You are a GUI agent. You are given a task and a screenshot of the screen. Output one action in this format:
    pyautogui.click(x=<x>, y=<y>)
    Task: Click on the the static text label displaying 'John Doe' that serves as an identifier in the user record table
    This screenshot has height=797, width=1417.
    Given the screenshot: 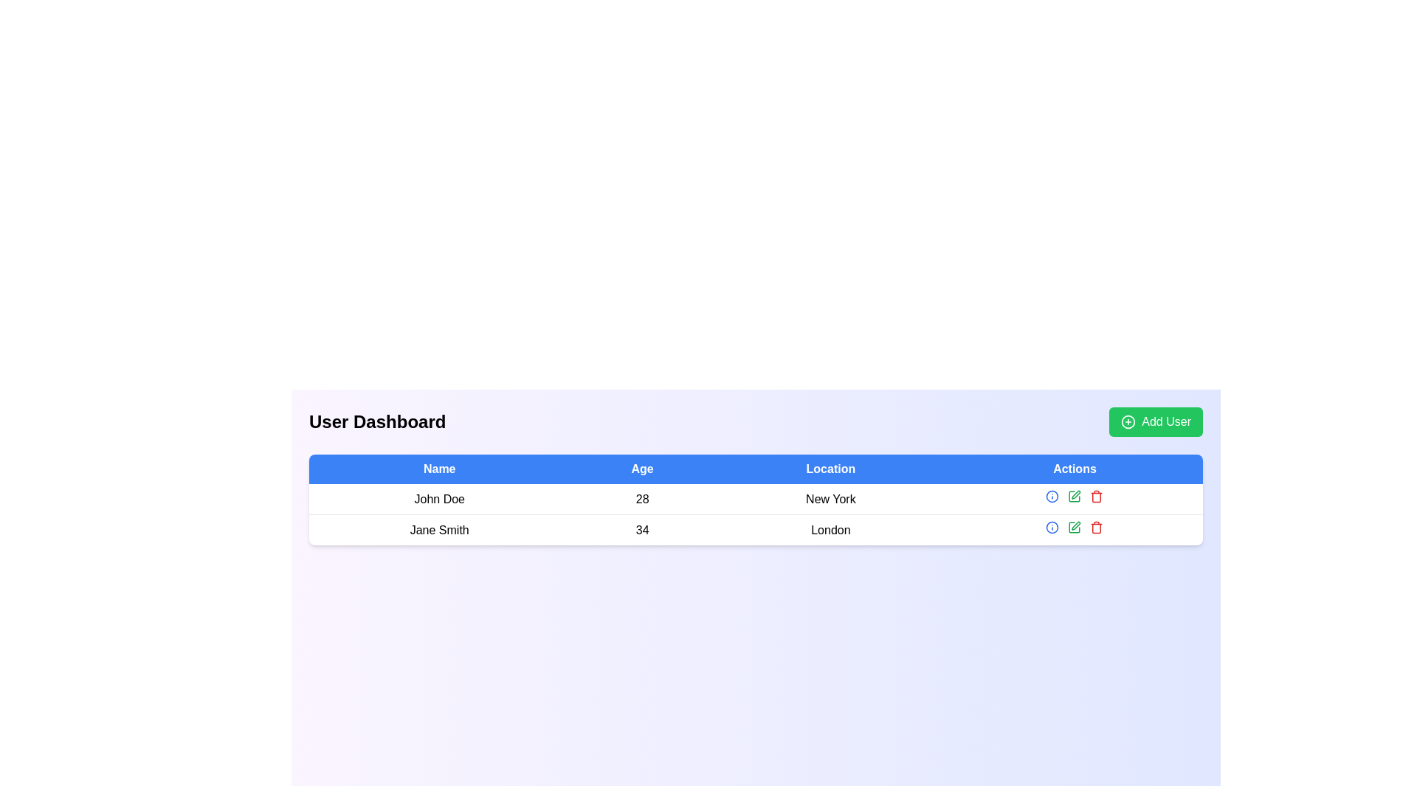 What is the action you would take?
    pyautogui.click(x=438, y=498)
    